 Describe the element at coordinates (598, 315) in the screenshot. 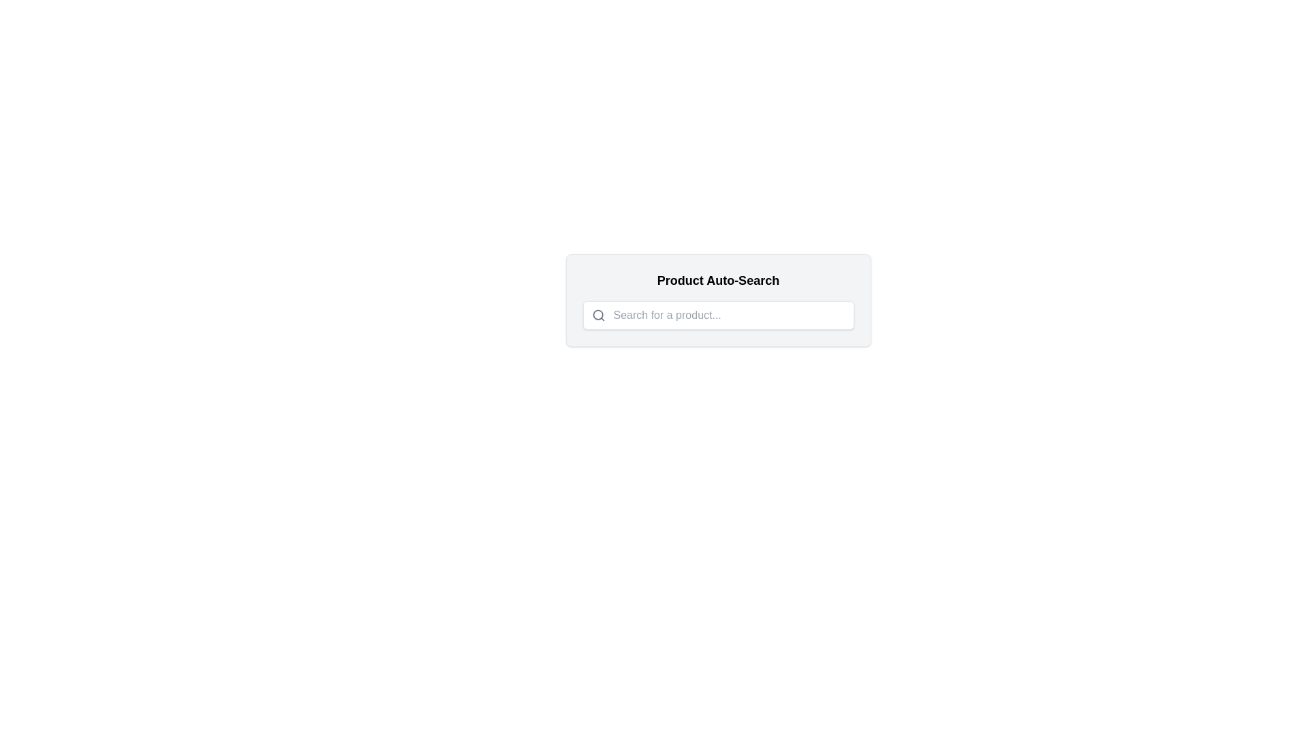

I see `the search icon located at the beginning of the text input field` at that location.